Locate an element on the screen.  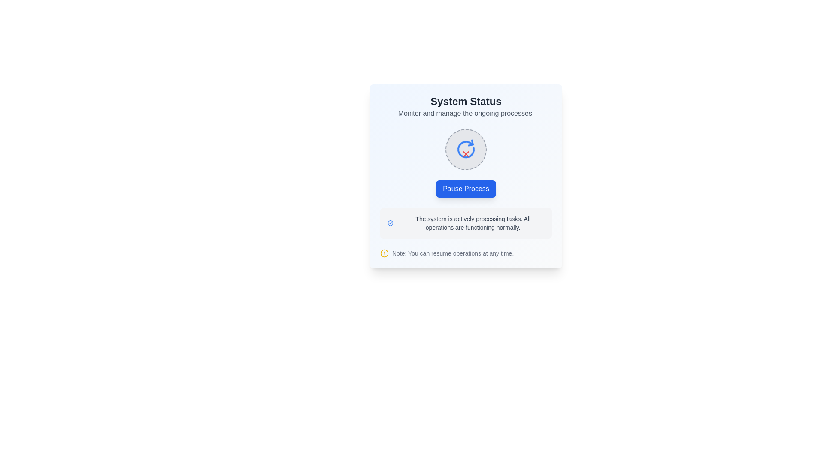
the shield icon with a checkmark inside, which is located on the left side of the message box indicating the system processing status is located at coordinates (390, 222).